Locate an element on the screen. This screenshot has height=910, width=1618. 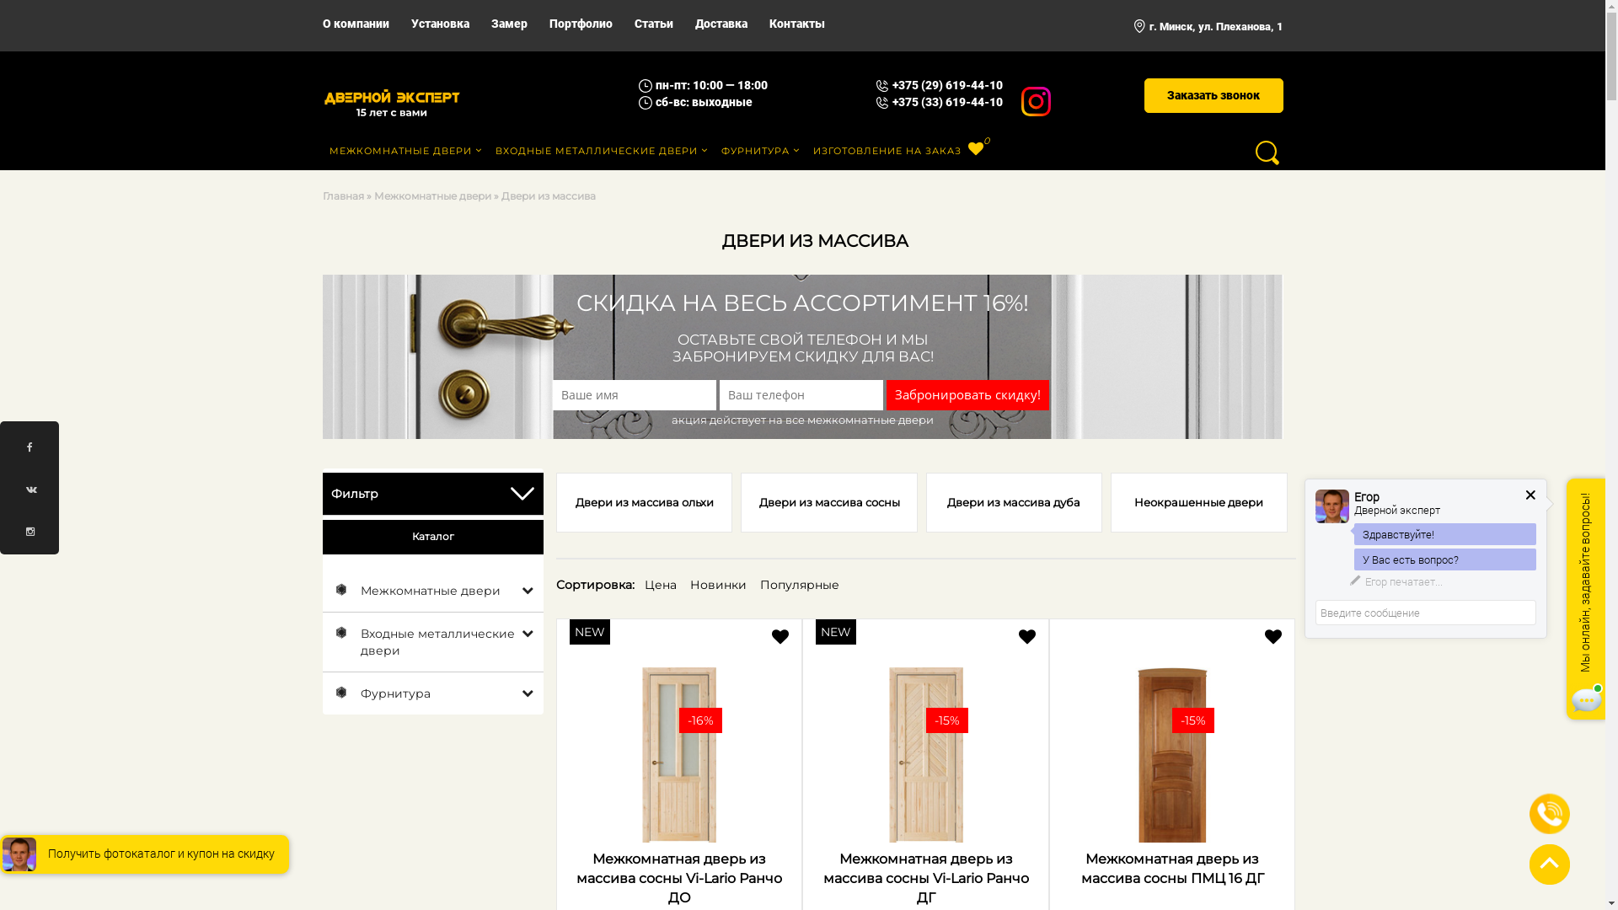
'Instagram' is located at coordinates (1035, 94).